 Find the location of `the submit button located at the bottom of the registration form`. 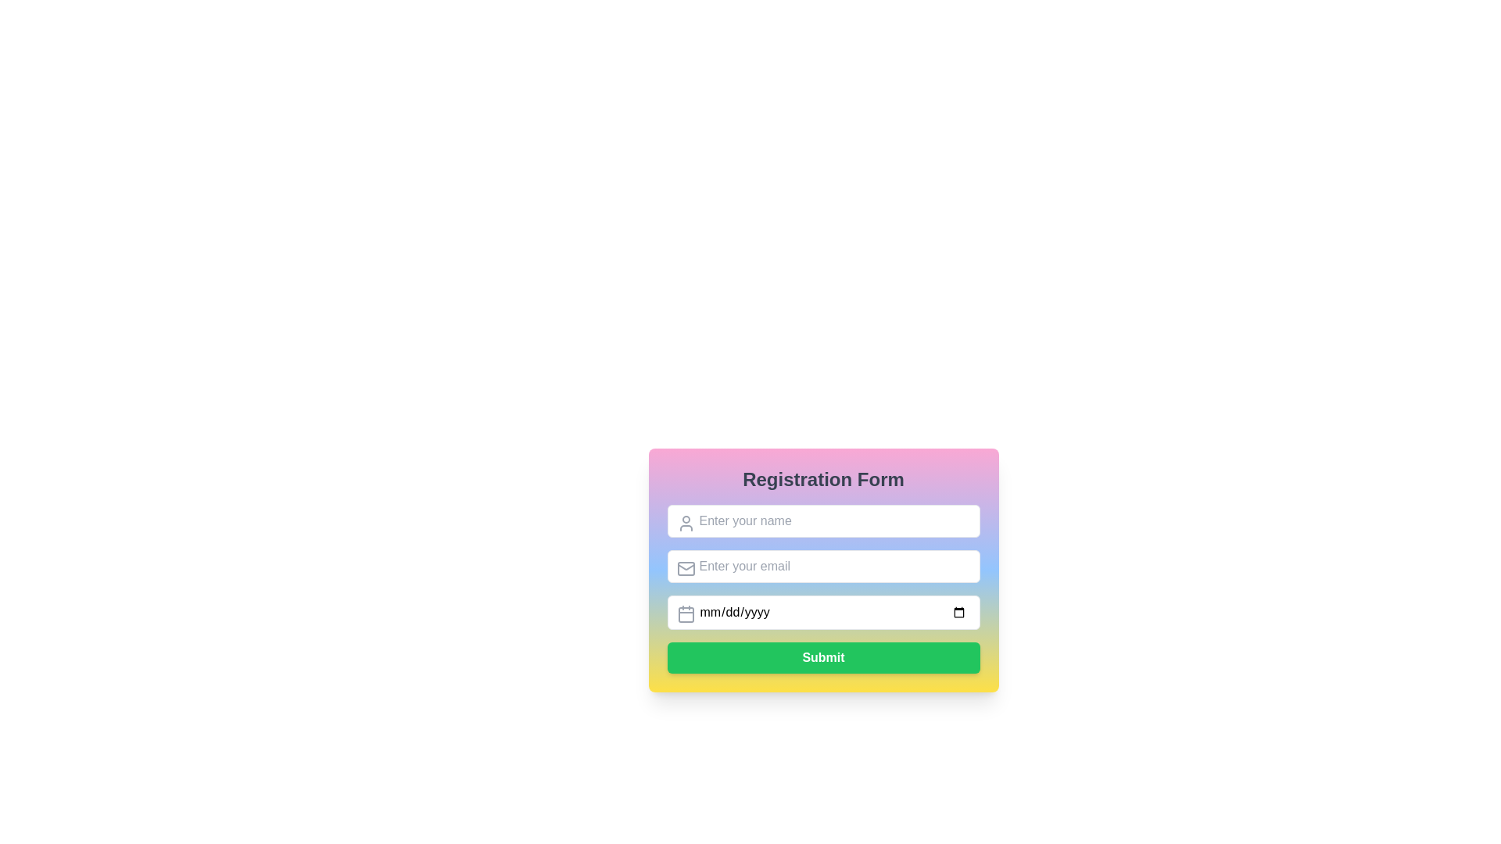

the submit button located at the bottom of the registration form is located at coordinates (822, 657).